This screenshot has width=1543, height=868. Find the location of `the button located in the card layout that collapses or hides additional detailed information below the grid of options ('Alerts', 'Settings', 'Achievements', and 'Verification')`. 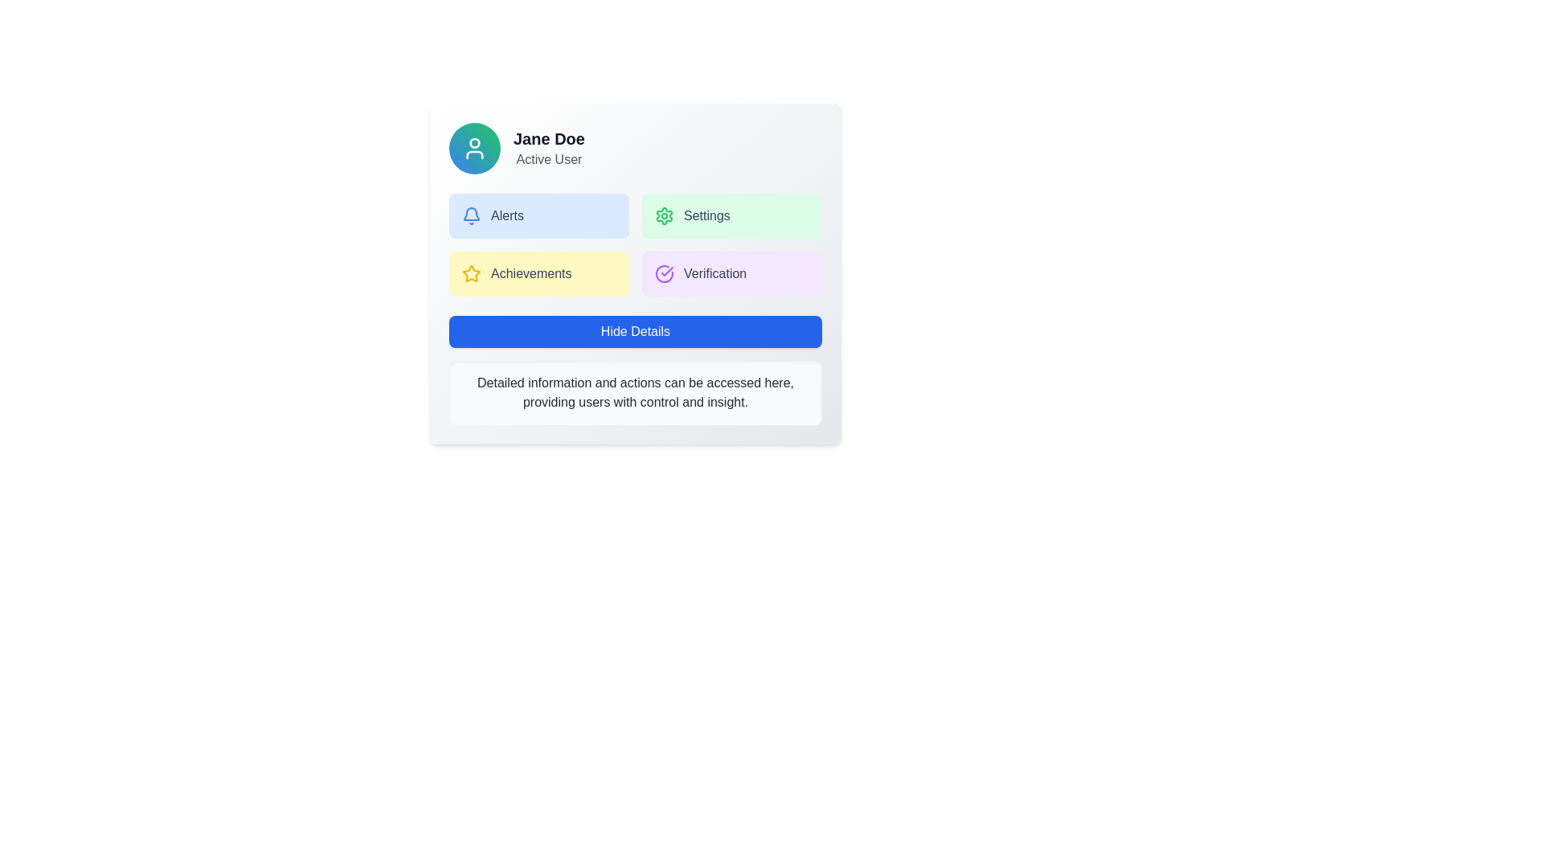

the button located in the card layout that collapses or hides additional detailed information below the grid of options ('Alerts', 'Settings', 'Achievements', and 'Verification') is located at coordinates (635, 330).